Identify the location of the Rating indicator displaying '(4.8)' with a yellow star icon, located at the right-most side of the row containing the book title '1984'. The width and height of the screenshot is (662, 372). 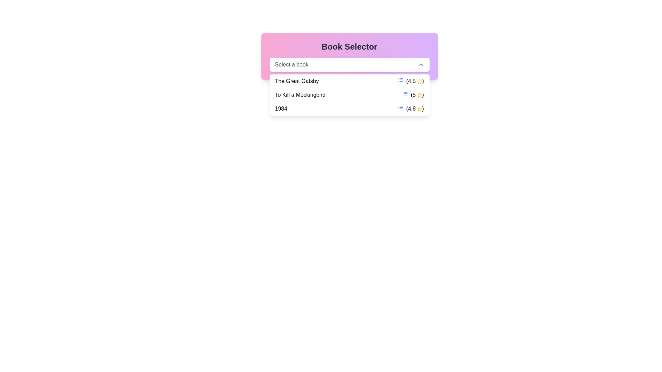
(411, 108).